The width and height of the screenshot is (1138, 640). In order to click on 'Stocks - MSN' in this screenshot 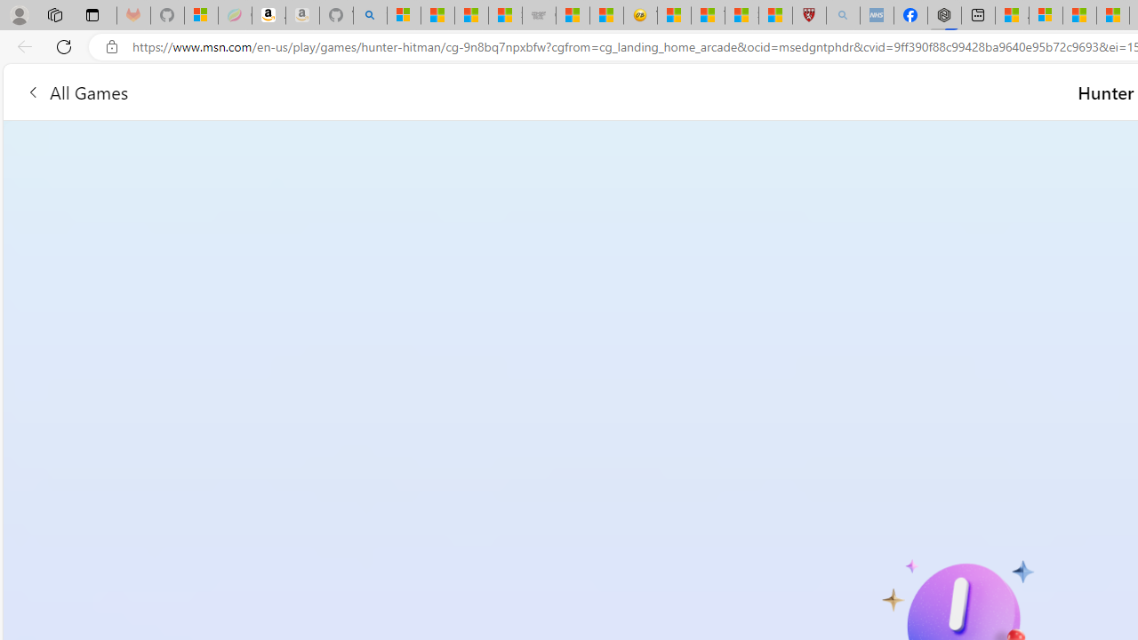, I will do `click(504, 15)`.